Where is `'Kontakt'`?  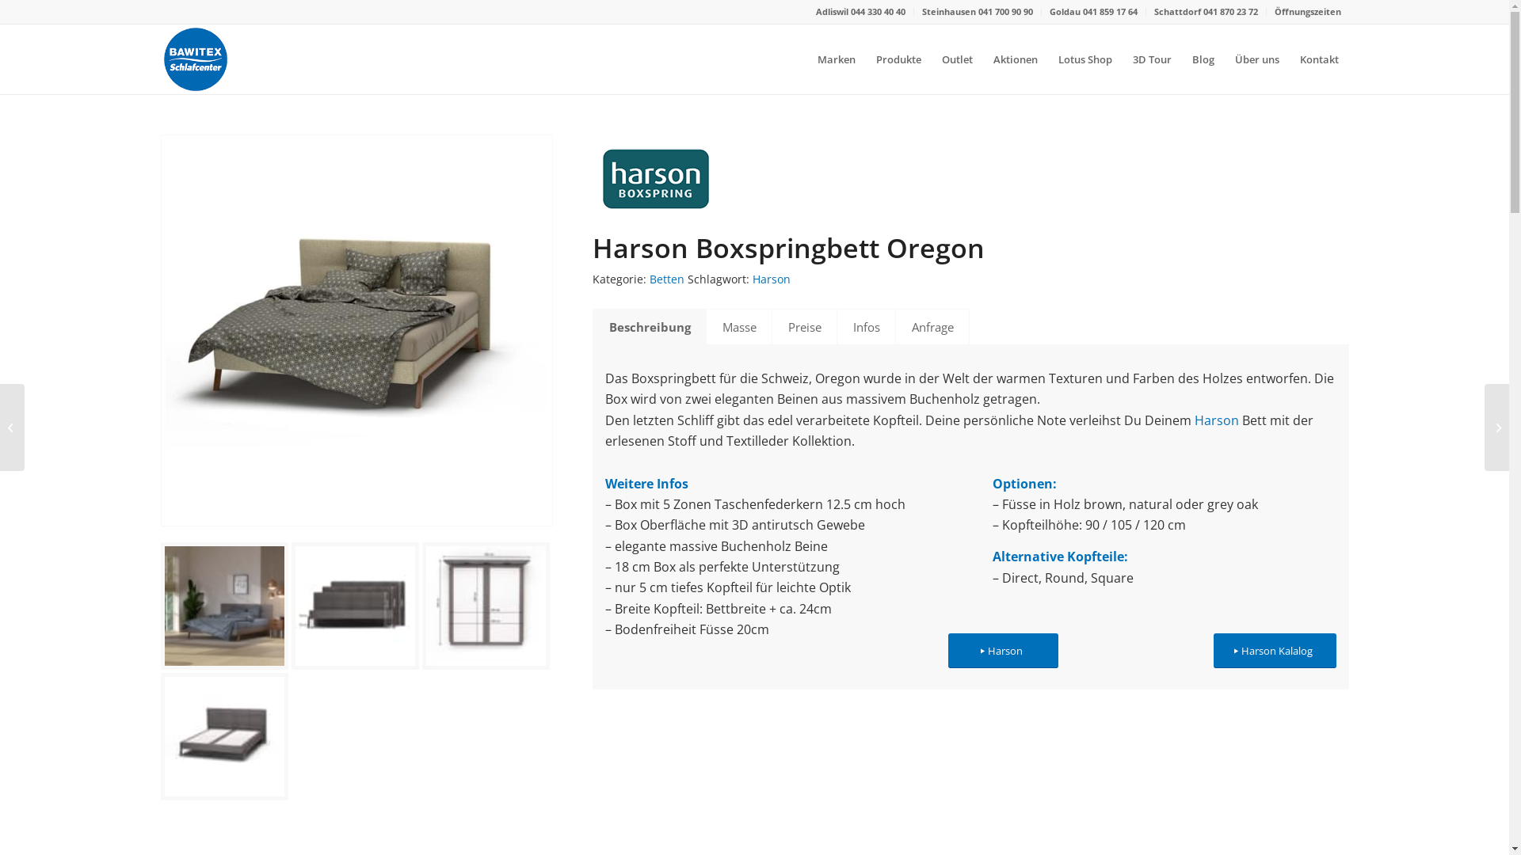 'Kontakt' is located at coordinates (1289, 58).